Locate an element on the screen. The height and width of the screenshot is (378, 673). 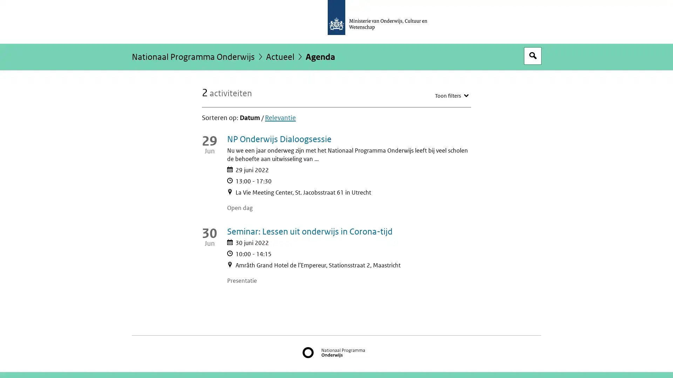
Toon filters is located at coordinates (451, 96).